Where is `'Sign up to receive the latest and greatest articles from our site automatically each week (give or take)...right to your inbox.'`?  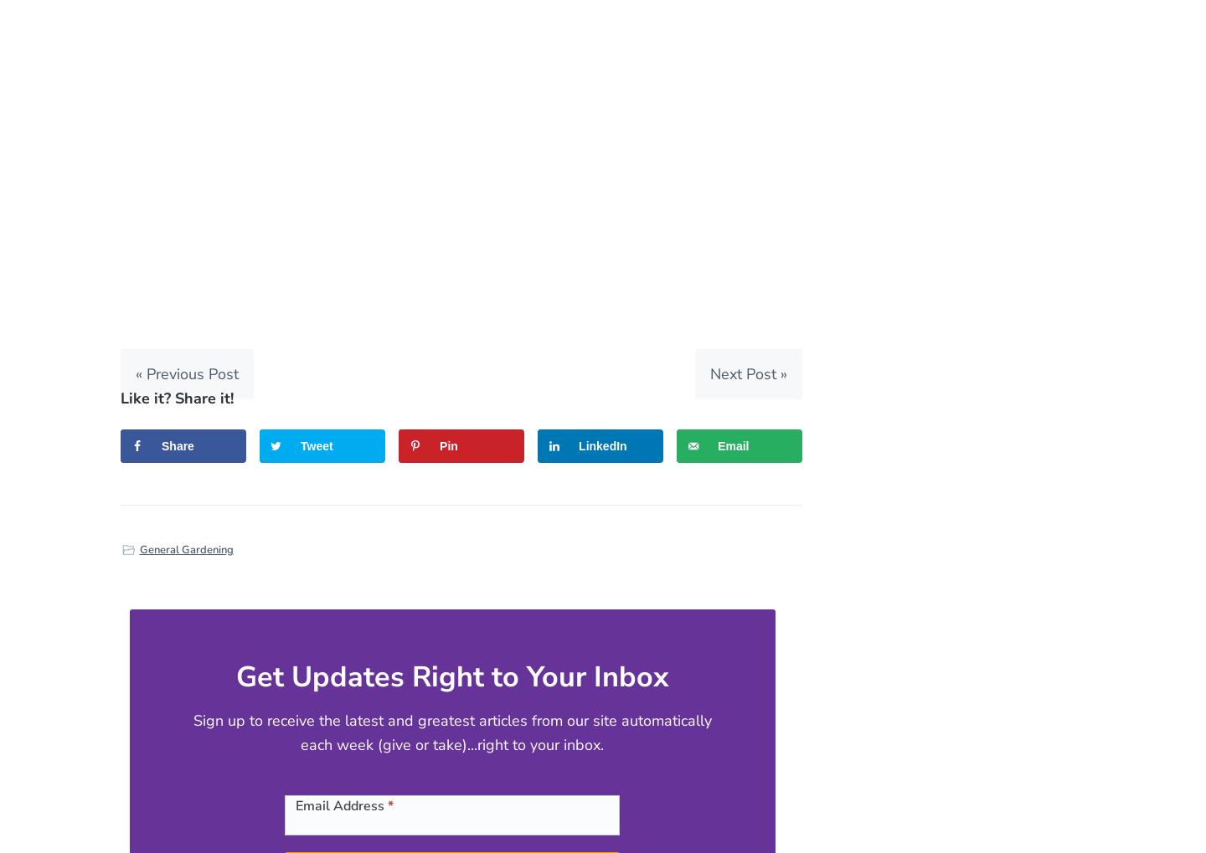
'Sign up to receive the latest and greatest articles from our site automatically each week (give or take)...right to your inbox.' is located at coordinates (451, 732).